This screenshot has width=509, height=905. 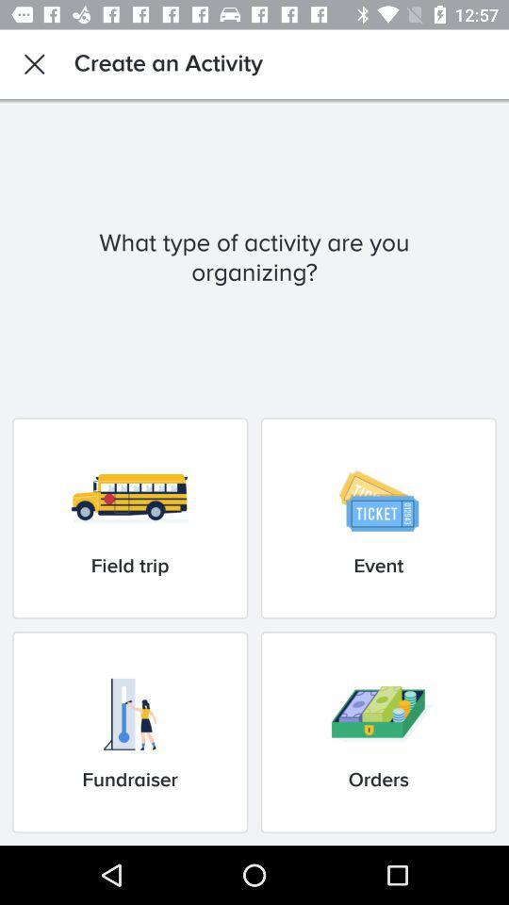 I want to click on item to the left of the event item, so click(x=129, y=518).